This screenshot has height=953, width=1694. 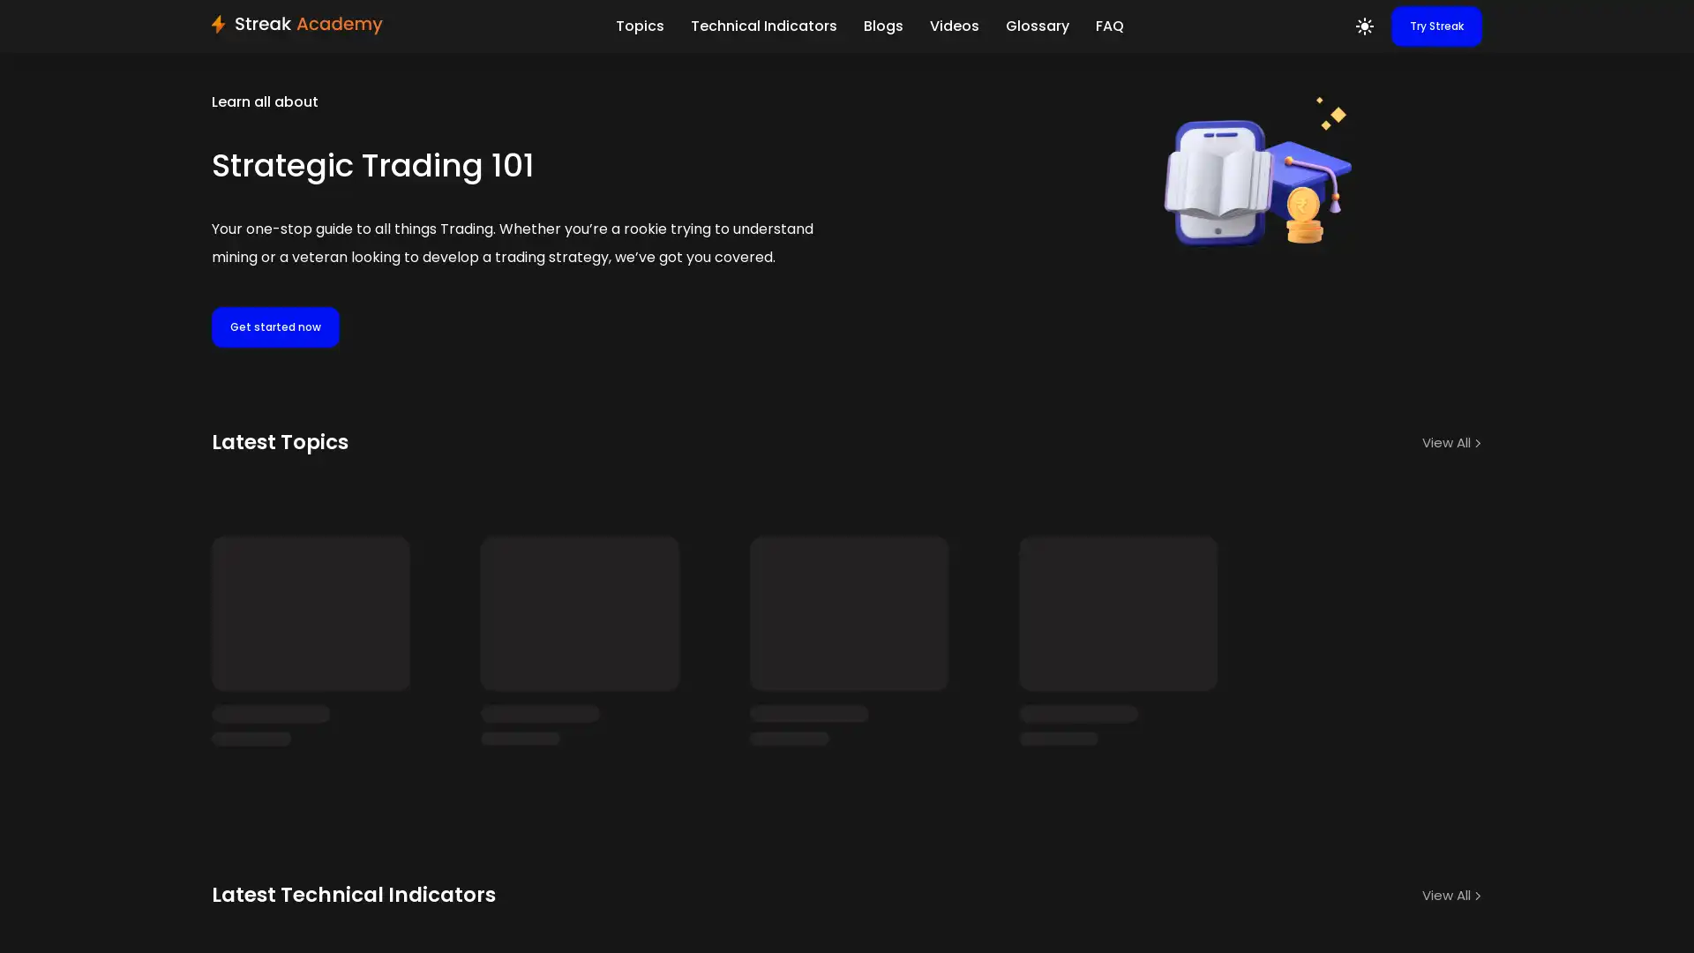 I want to click on Blogs, so click(x=882, y=26).